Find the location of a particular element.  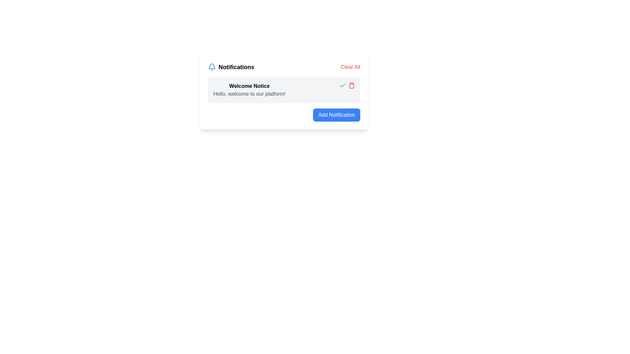

the 'Notifications' text label which is prominently styled with a larger, bold font and located beside a blue bell icon is located at coordinates (236, 67).